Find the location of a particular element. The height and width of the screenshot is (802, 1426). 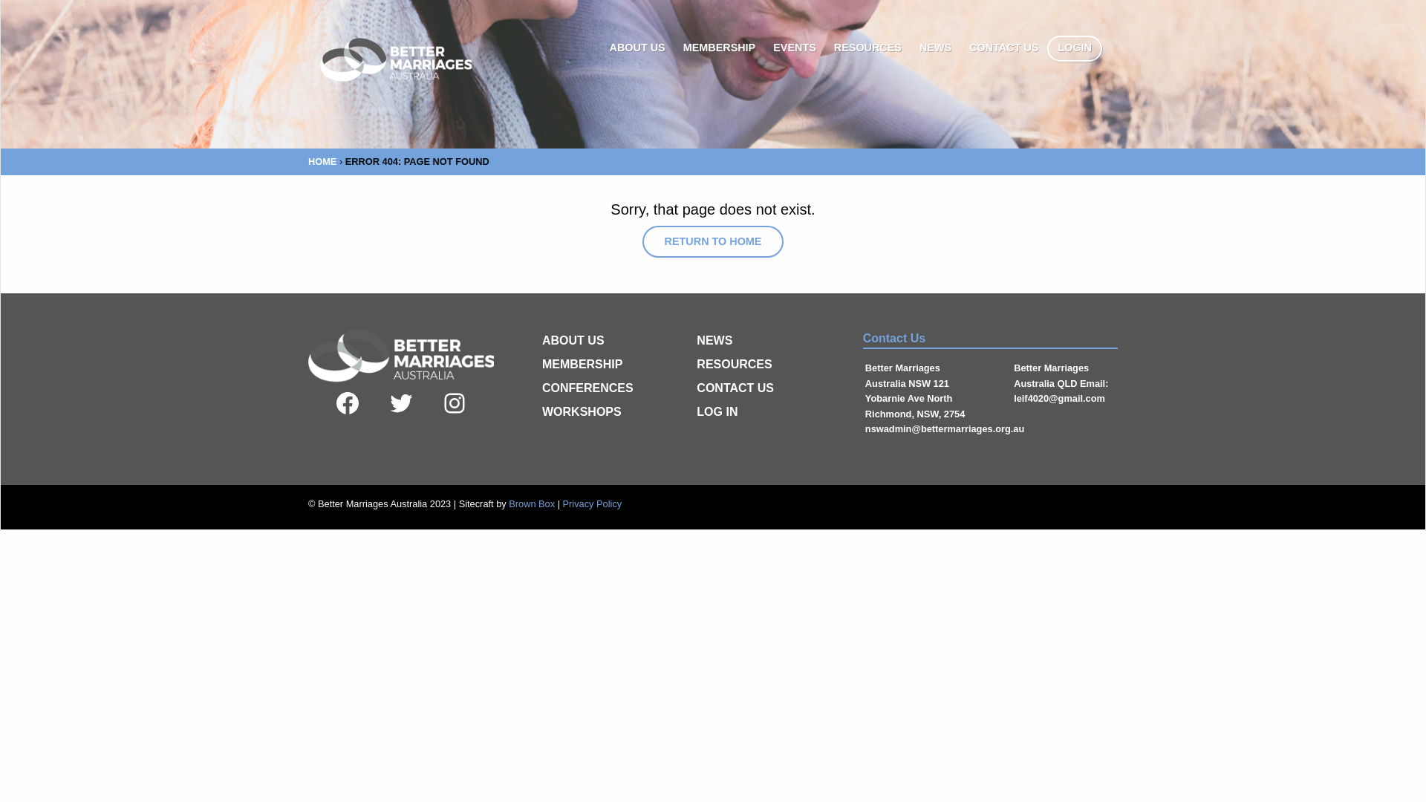

'WORKSHOPS' is located at coordinates (581, 411).